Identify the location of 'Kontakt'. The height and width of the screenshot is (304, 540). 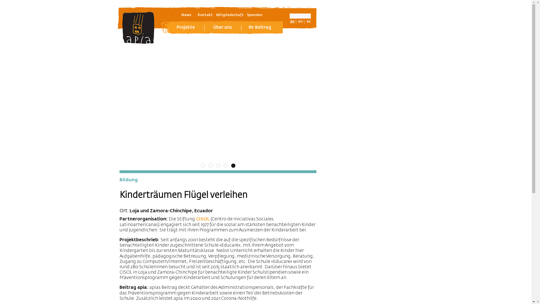
(205, 15).